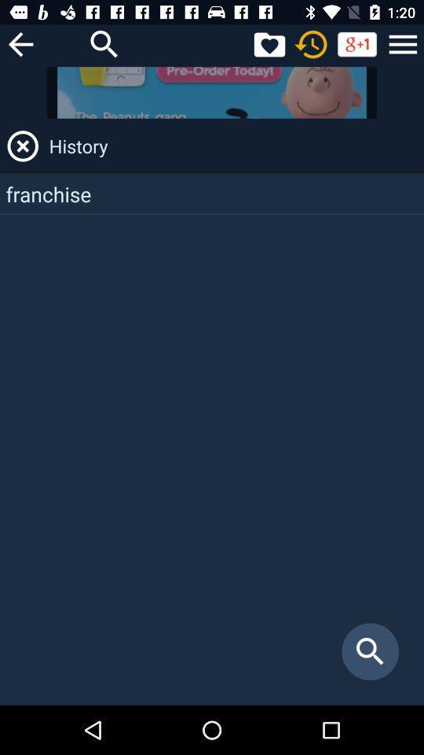 The width and height of the screenshot is (424, 755). I want to click on item to the left of history, so click(22, 146).